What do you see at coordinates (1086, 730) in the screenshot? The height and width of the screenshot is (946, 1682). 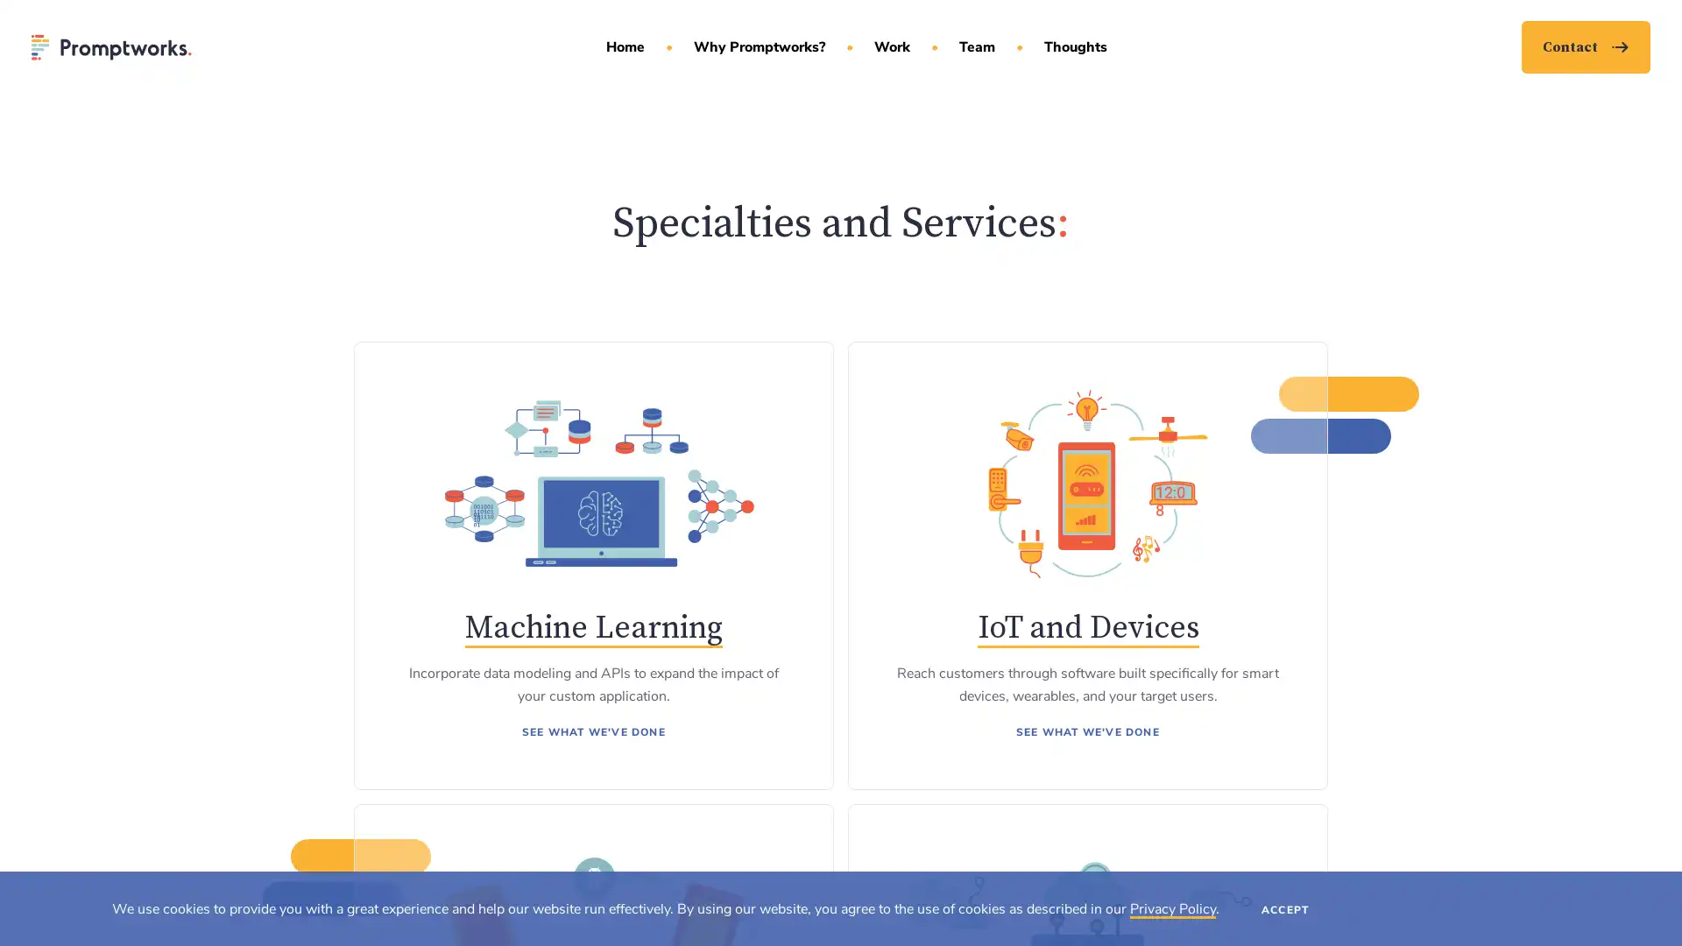 I see `SEE WHAT WE'VE DONE` at bounding box center [1086, 730].